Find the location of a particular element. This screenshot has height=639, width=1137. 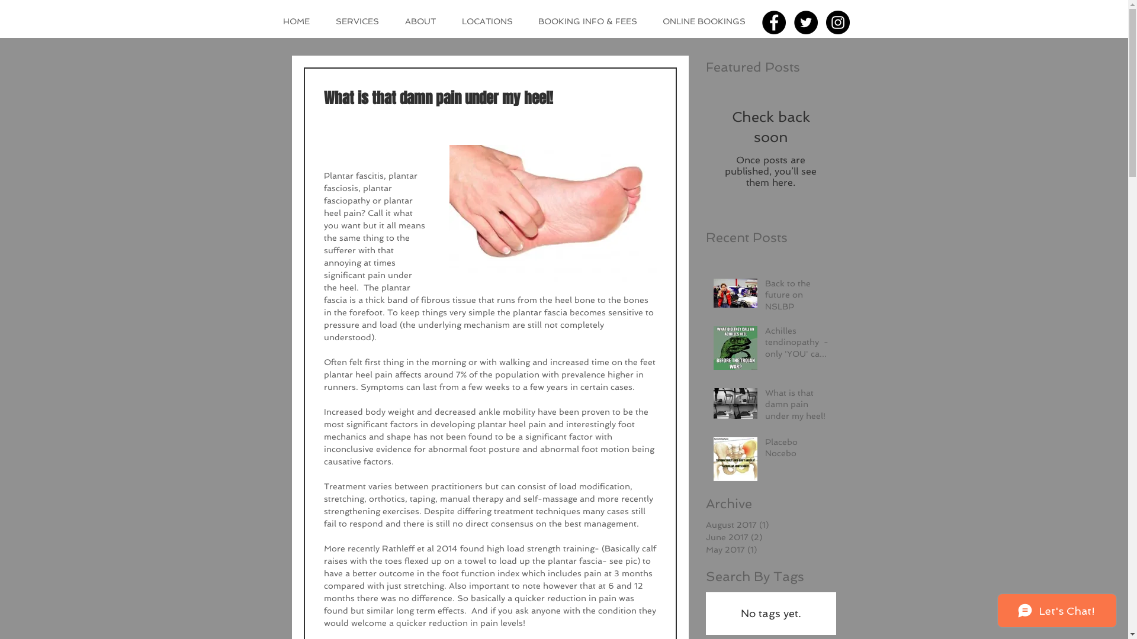

'August 2017 (1)' is located at coordinates (767, 524).